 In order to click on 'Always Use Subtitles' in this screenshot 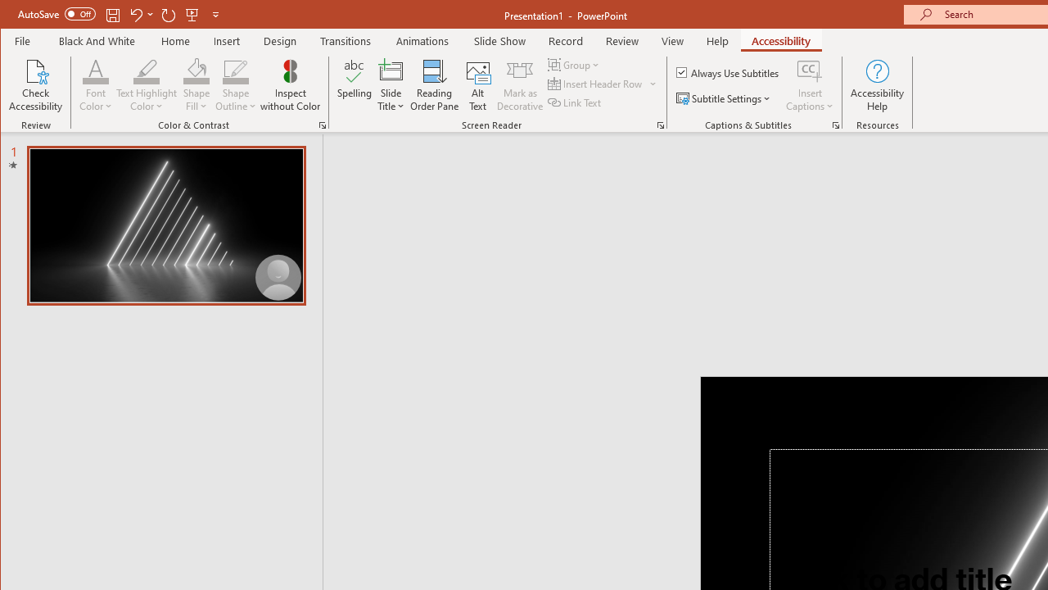, I will do `click(728, 71)`.